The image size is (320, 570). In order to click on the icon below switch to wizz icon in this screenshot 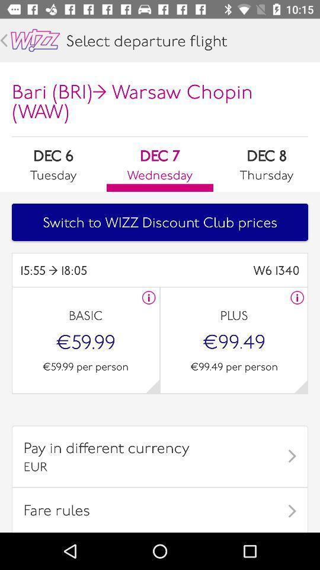, I will do `click(229, 270)`.